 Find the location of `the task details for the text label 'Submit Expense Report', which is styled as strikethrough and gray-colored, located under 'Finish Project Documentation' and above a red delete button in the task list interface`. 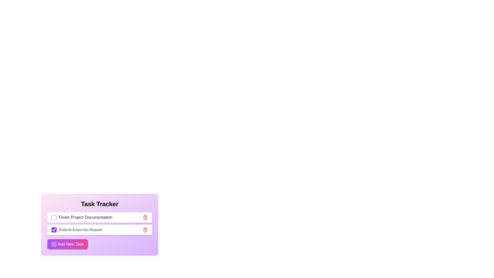

the task details for the text label 'Submit Expense Report', which is styled as strikethrough and gray-colored, located under 'Finish Project Documentation' and above a red delete button in the task list interface is located at coordinates (76, 230).